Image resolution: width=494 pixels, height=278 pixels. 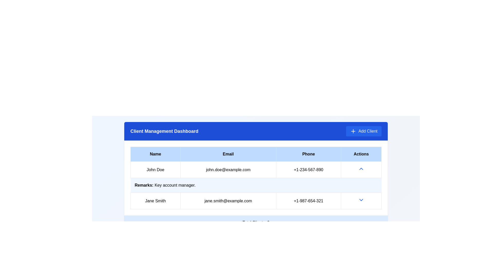 I want to click on the text label displaying 'John Doe' in the client management table, located in the 'Name' column, so click(x=155, y=170).